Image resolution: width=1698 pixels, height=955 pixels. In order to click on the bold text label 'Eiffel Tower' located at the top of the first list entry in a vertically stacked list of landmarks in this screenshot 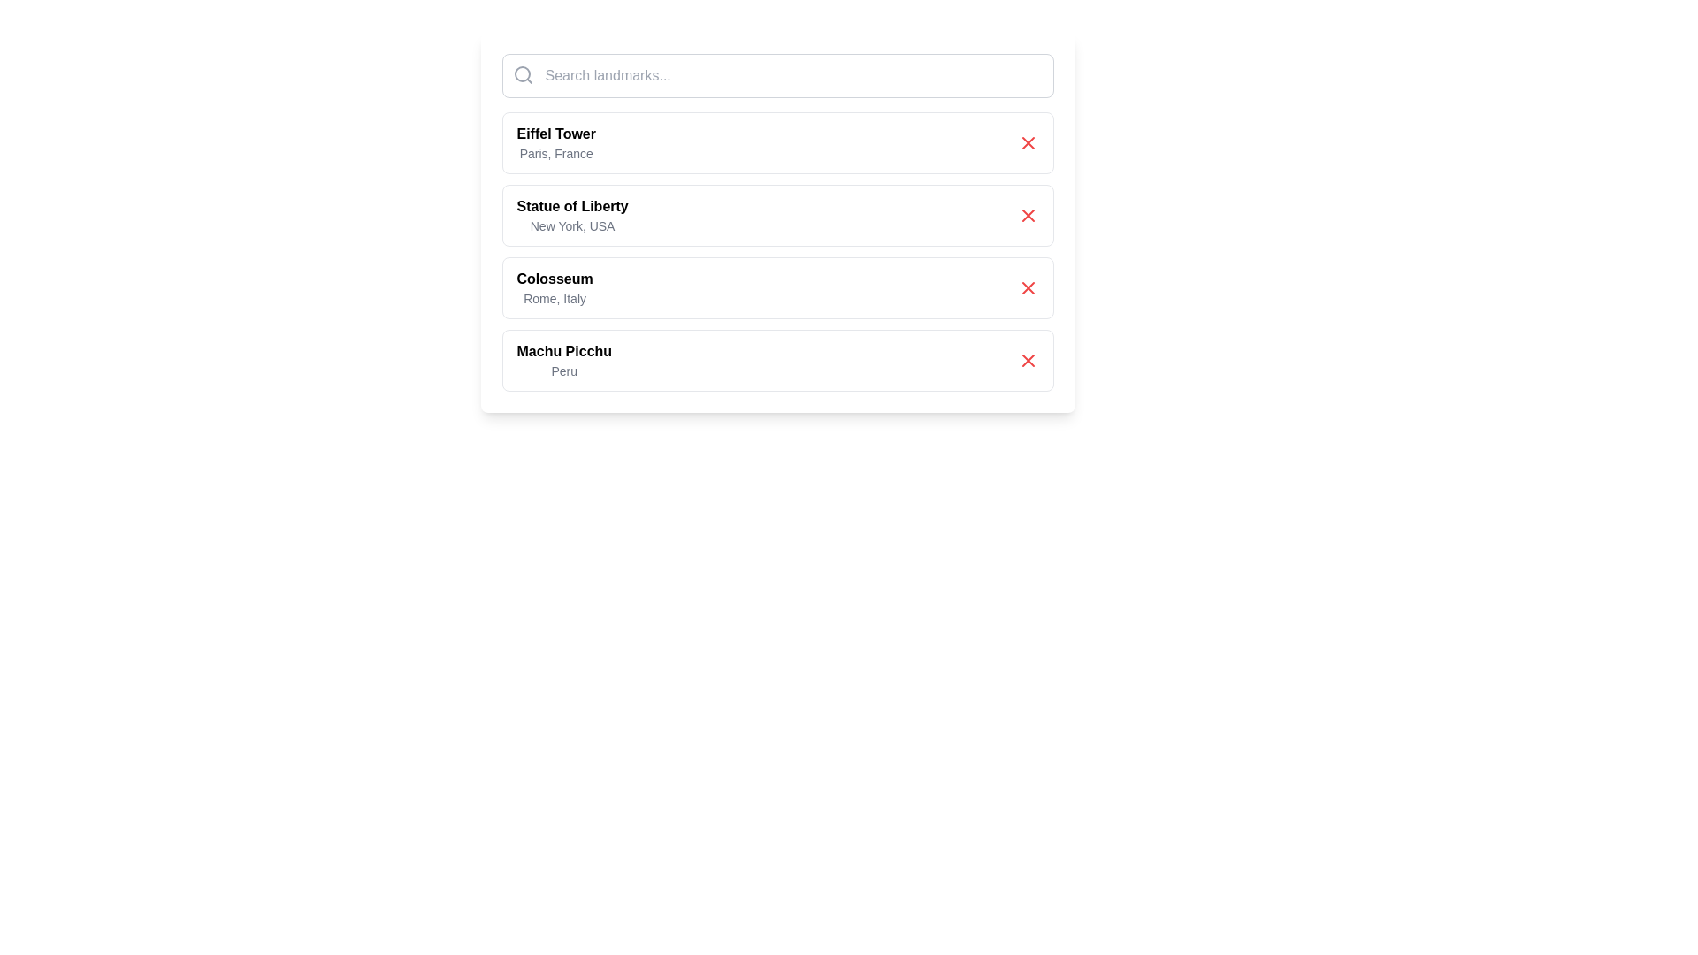, I will do `click(555, 133)`.